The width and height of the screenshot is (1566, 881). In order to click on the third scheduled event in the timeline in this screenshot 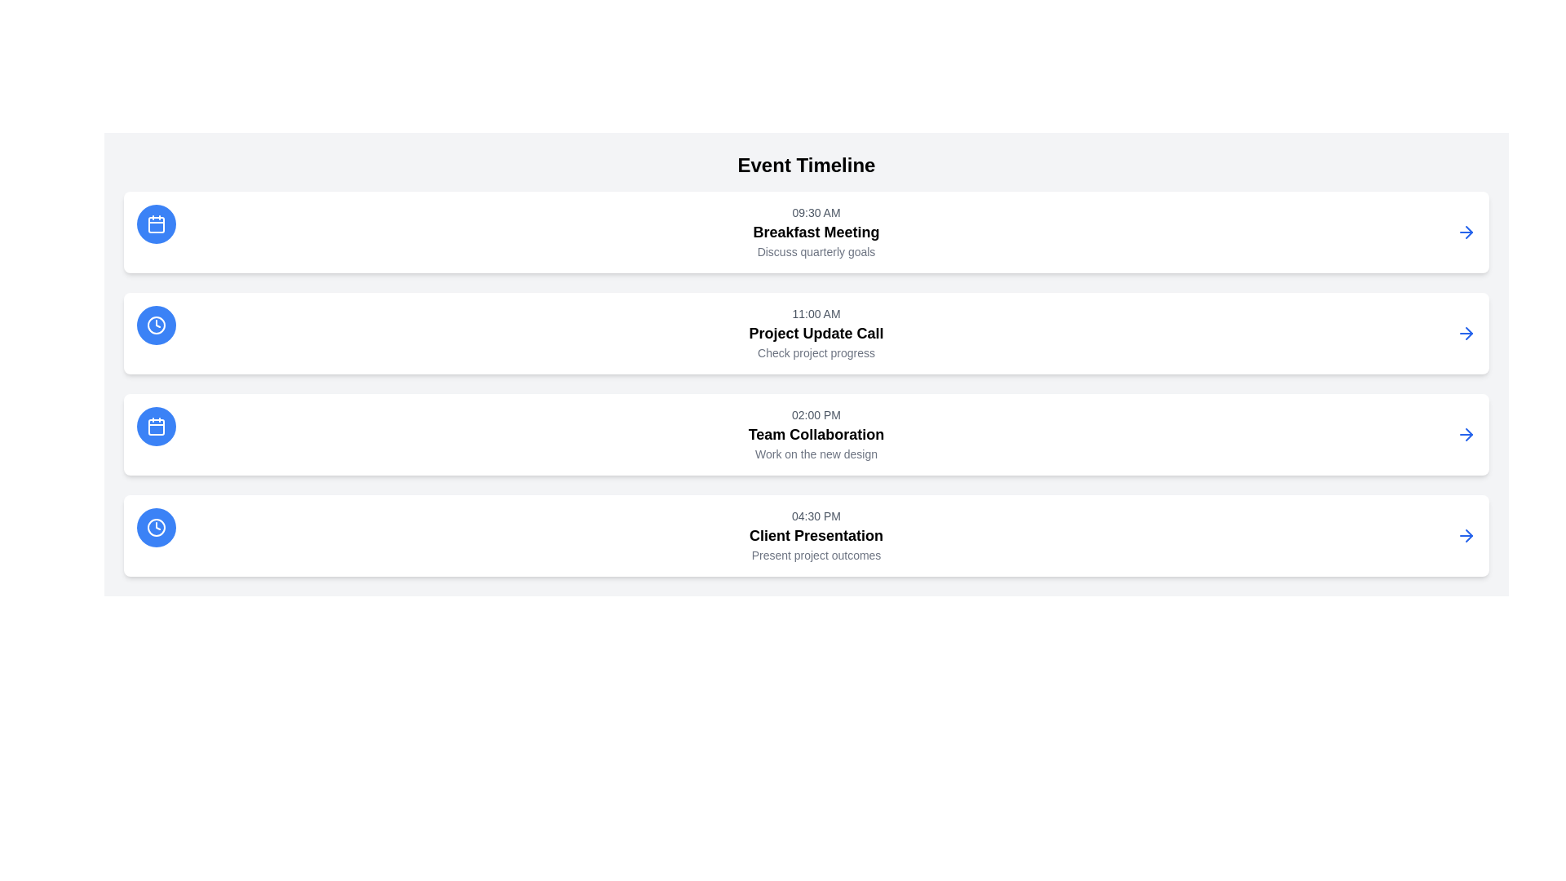, I will do `click(816, 433)`.